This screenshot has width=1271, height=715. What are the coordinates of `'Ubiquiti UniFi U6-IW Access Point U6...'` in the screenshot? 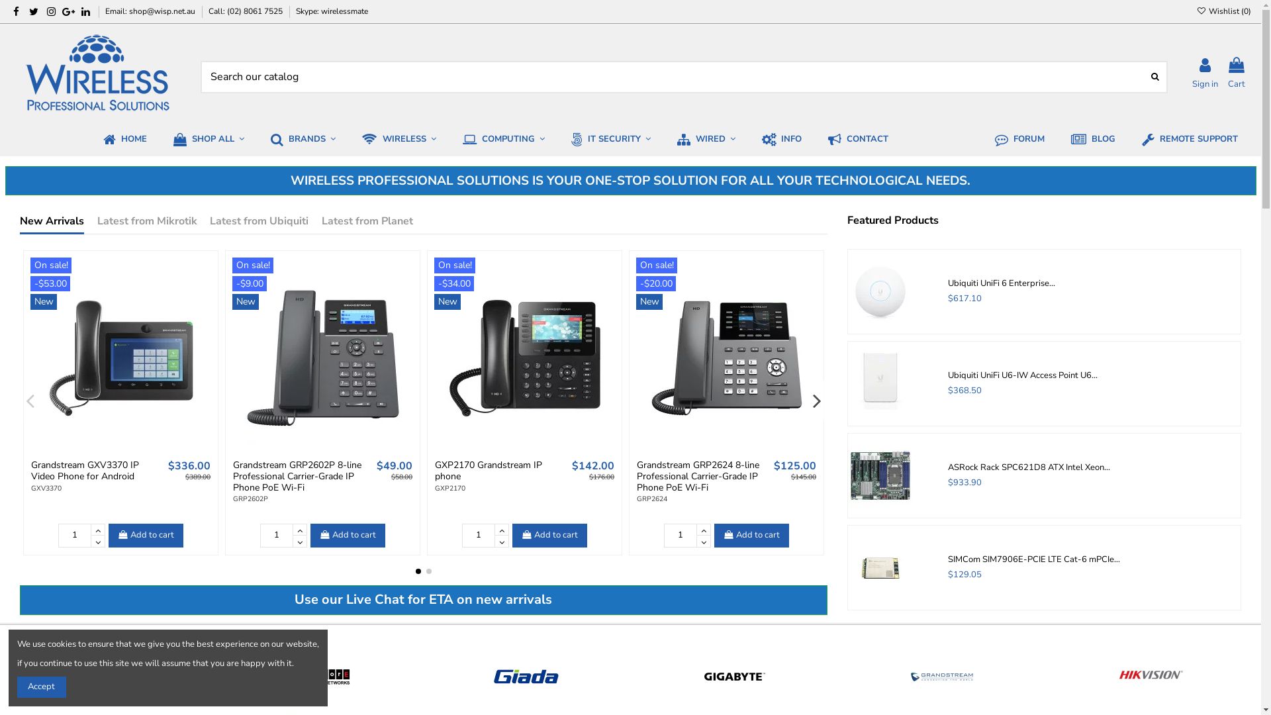 It's located at (947, 375).